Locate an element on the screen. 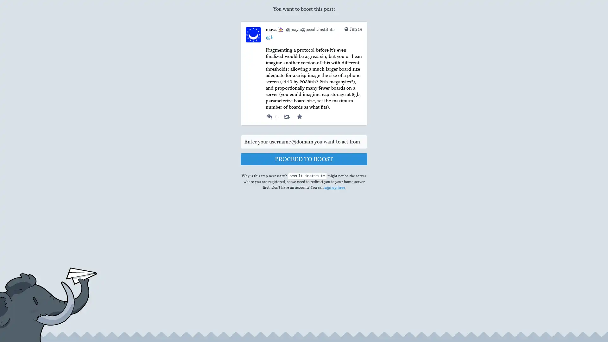 The height and width of the screenshot is (342, 608). PROCEED TO BOOST is located at coordinates (304, 159).